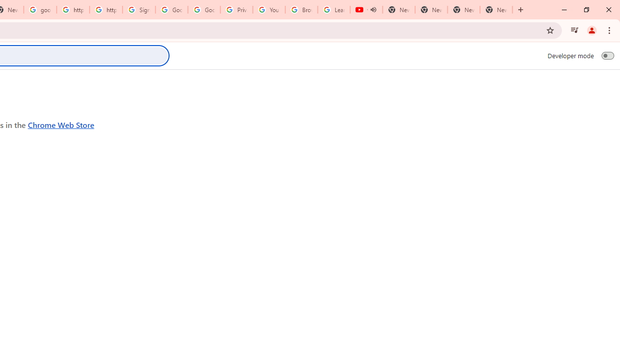 This screenshot has width=620, height=349. What do you see at coordinates (607, 55) in the screenshot?
I see `'Developer mode'` at bounding box center [607, 55].